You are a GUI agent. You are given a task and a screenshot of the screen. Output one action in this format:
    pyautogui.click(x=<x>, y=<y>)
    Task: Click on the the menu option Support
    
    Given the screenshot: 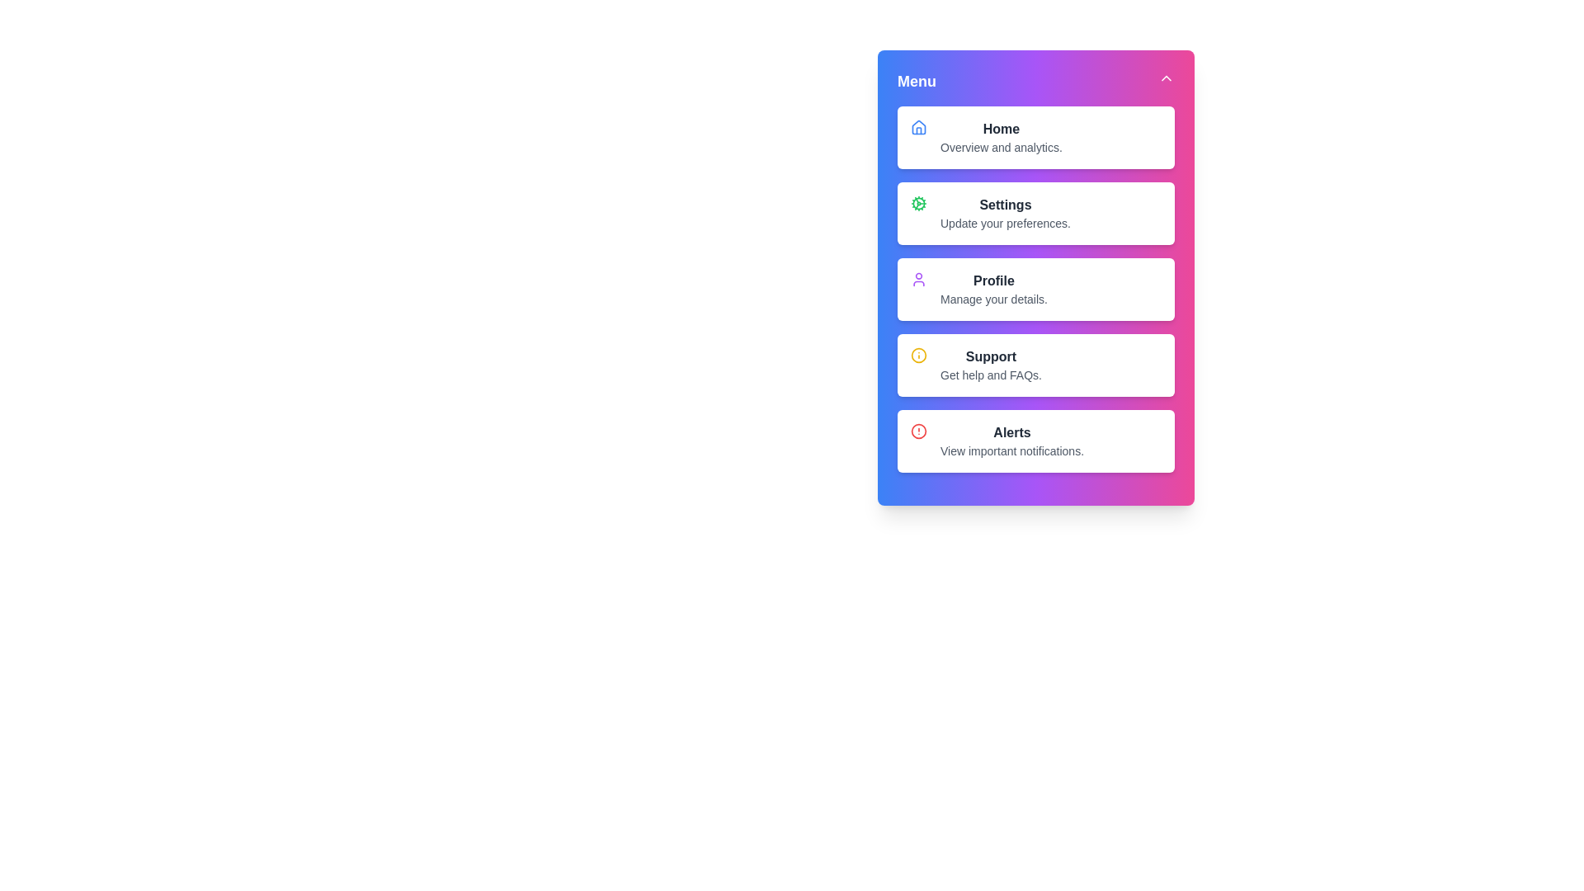 What is the action you would take?
    pyautogui.click(x=990, y=371)
    